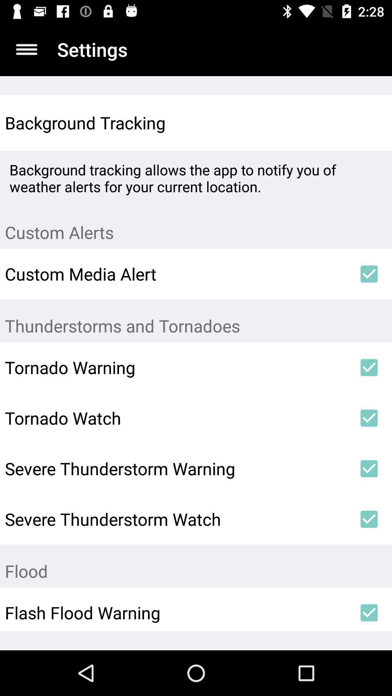  I want to click on the item next to settings, so click(26, 49).